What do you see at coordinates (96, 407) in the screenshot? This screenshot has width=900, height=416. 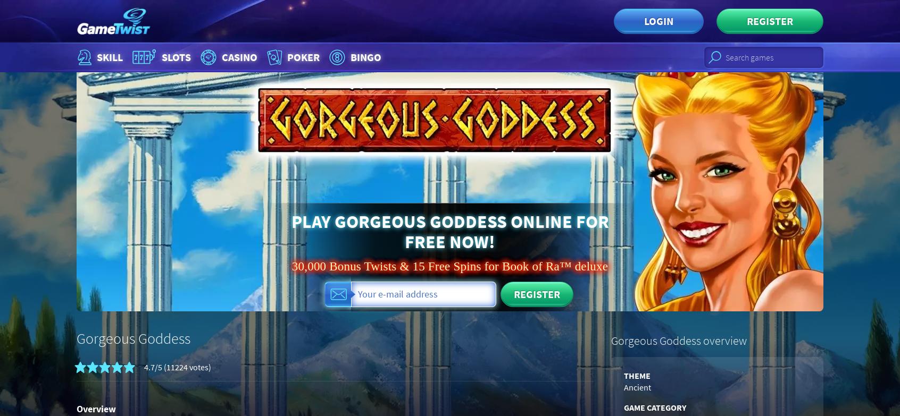 I see `'Overview'` at bounding box center [96, 407].